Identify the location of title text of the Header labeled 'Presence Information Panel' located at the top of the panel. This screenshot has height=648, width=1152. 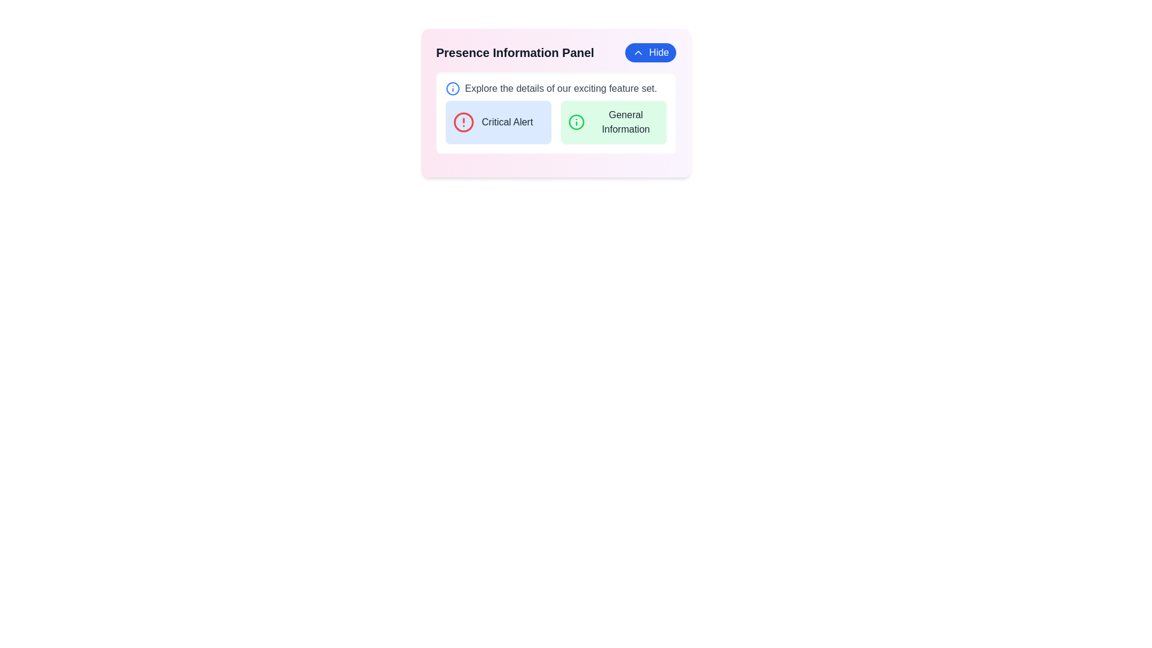
(555, 52).